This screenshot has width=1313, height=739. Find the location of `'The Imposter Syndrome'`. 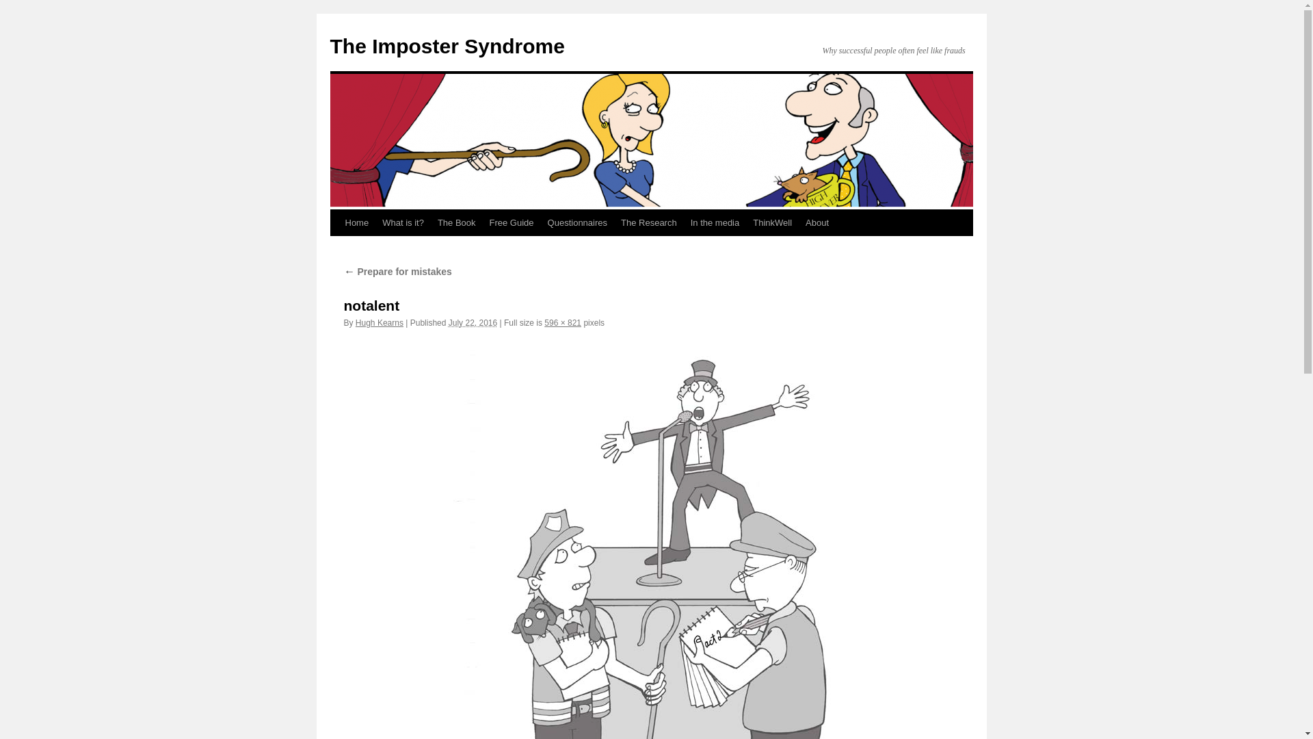

'The Imposter Syndrome' is located at coordinates (447, 45).